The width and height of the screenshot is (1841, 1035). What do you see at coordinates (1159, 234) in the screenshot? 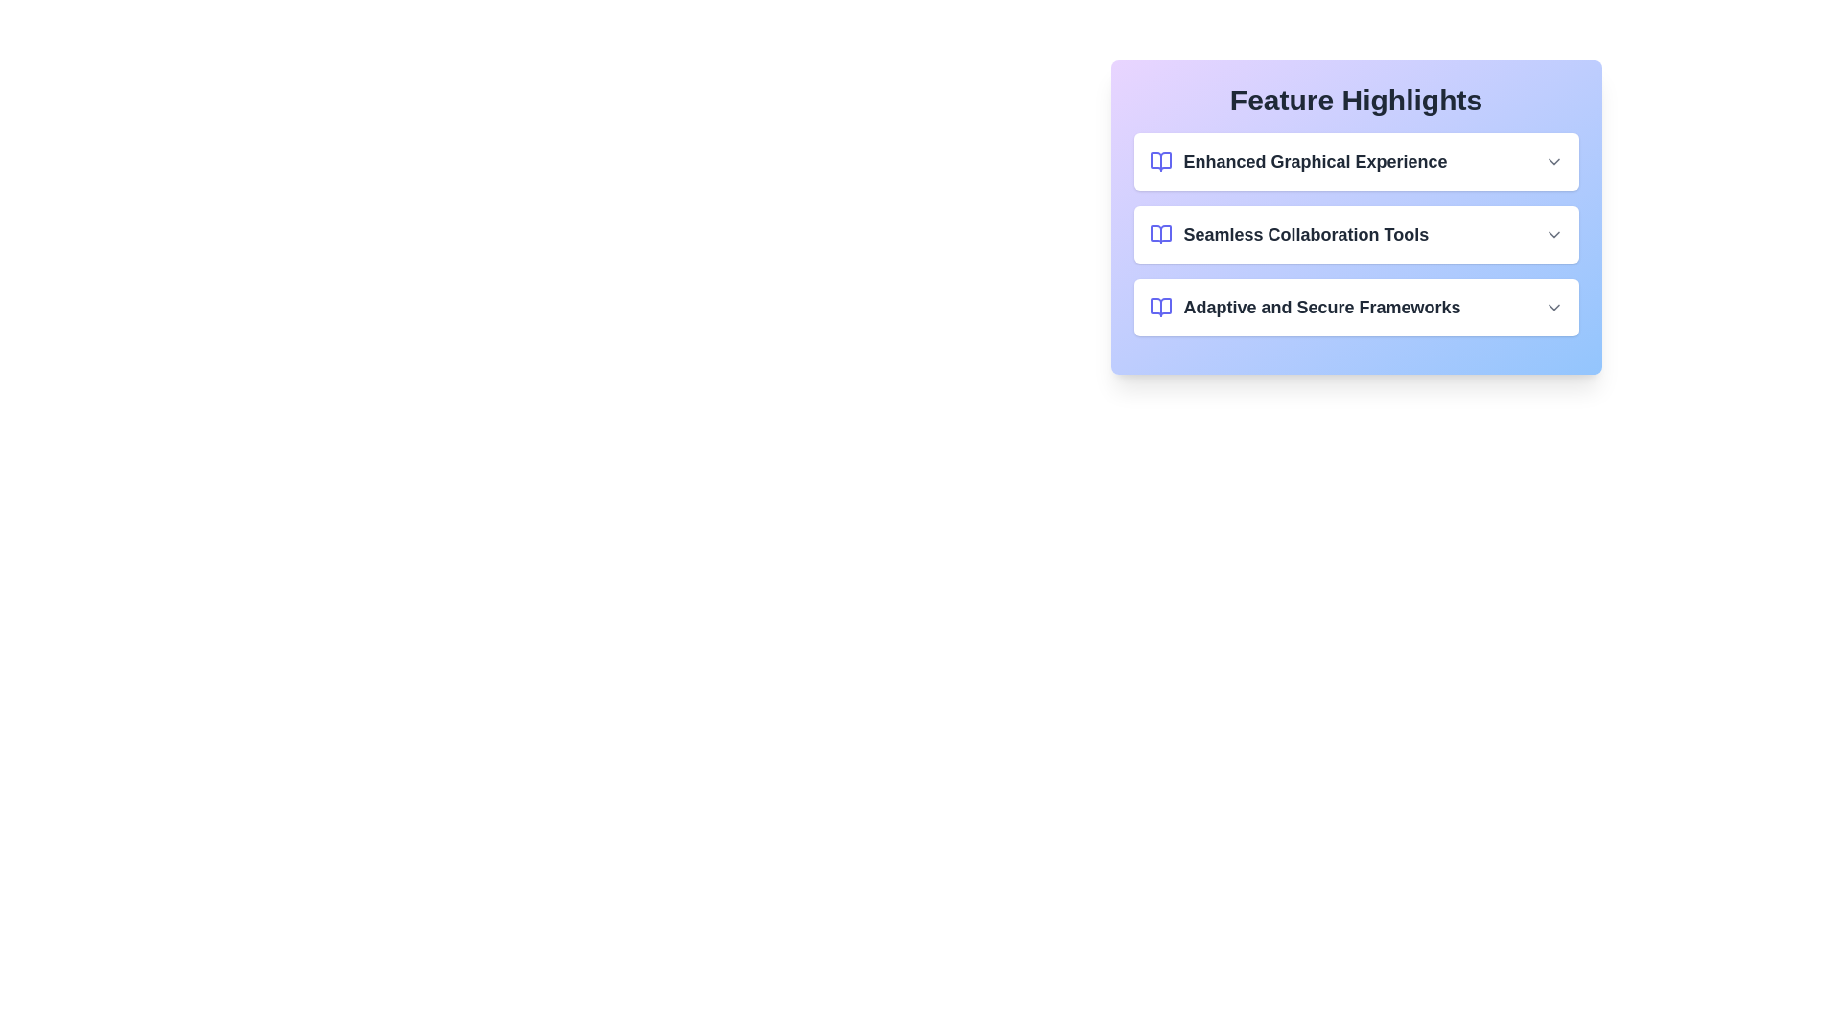
I see `the indigo blue graphic icon representing an open book, located in the middle entry of the 'Feature Highlights' list, to the left of 'Seamless Collaboration Tools'` at bounding box center [1159, 234].